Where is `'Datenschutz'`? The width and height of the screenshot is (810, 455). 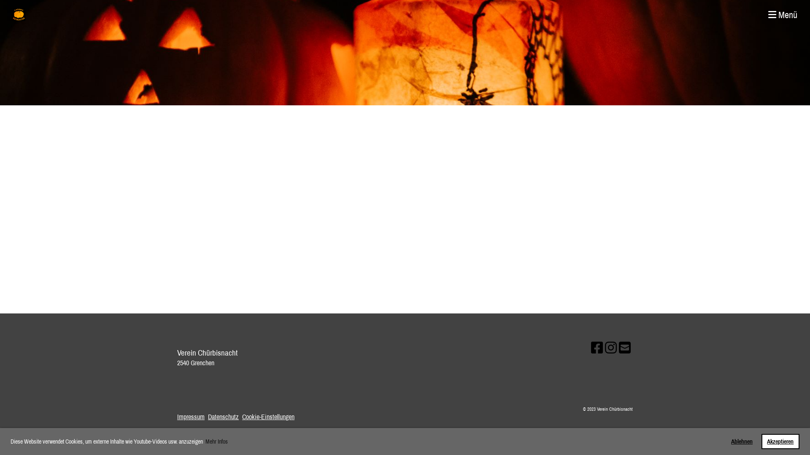
'Datenschutz' is located at coordinates (223, 416).